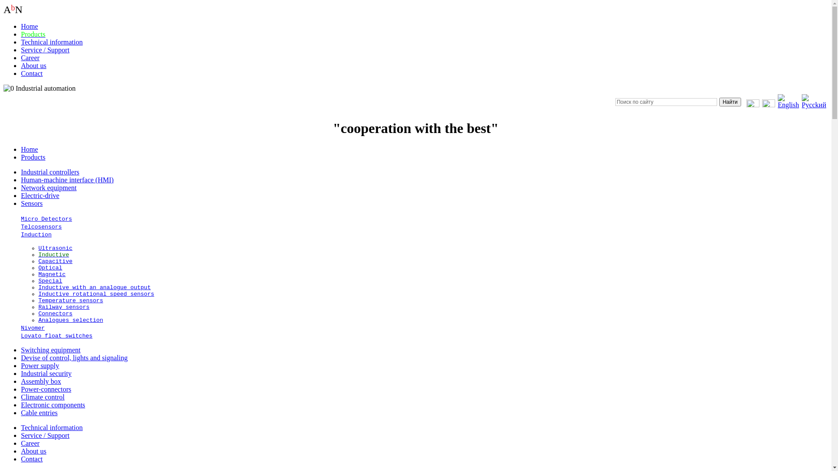 Image resolution: width=838 pixels, height=471 pixels. Describe the element at coordinates (33, 157) in the screenshot. I see `'Products'` at that location.